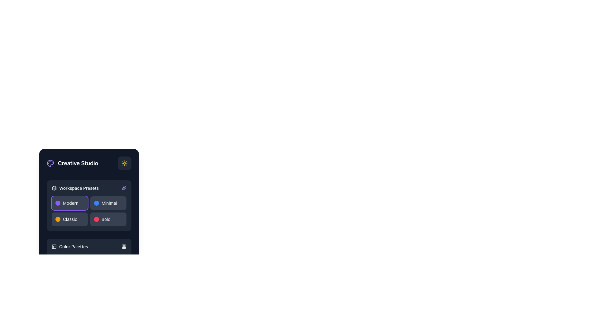 The image size is (598, 336). What do you see at coordinates (124, 188) in the screenshot?
I see `the Decorative Icon, which is a lavender starburst symbol located in the top-right corner of the 'Creative Studio' menu, indicating special features or highlights` at bounding box center [124, 188].